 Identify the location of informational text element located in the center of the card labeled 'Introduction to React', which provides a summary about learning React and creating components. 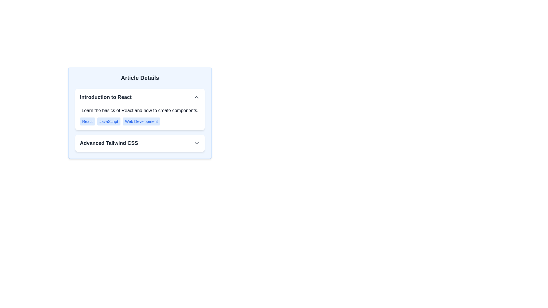
(140, 111).